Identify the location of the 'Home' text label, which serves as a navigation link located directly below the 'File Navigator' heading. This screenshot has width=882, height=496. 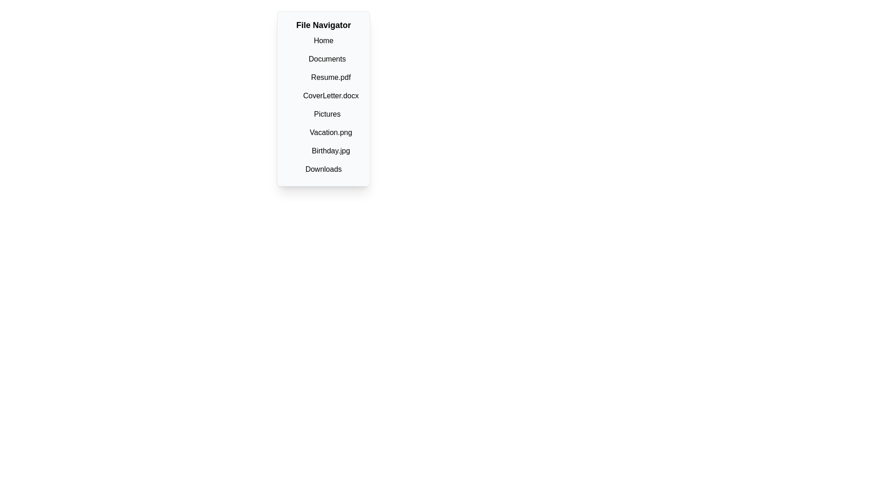
(323, 40).